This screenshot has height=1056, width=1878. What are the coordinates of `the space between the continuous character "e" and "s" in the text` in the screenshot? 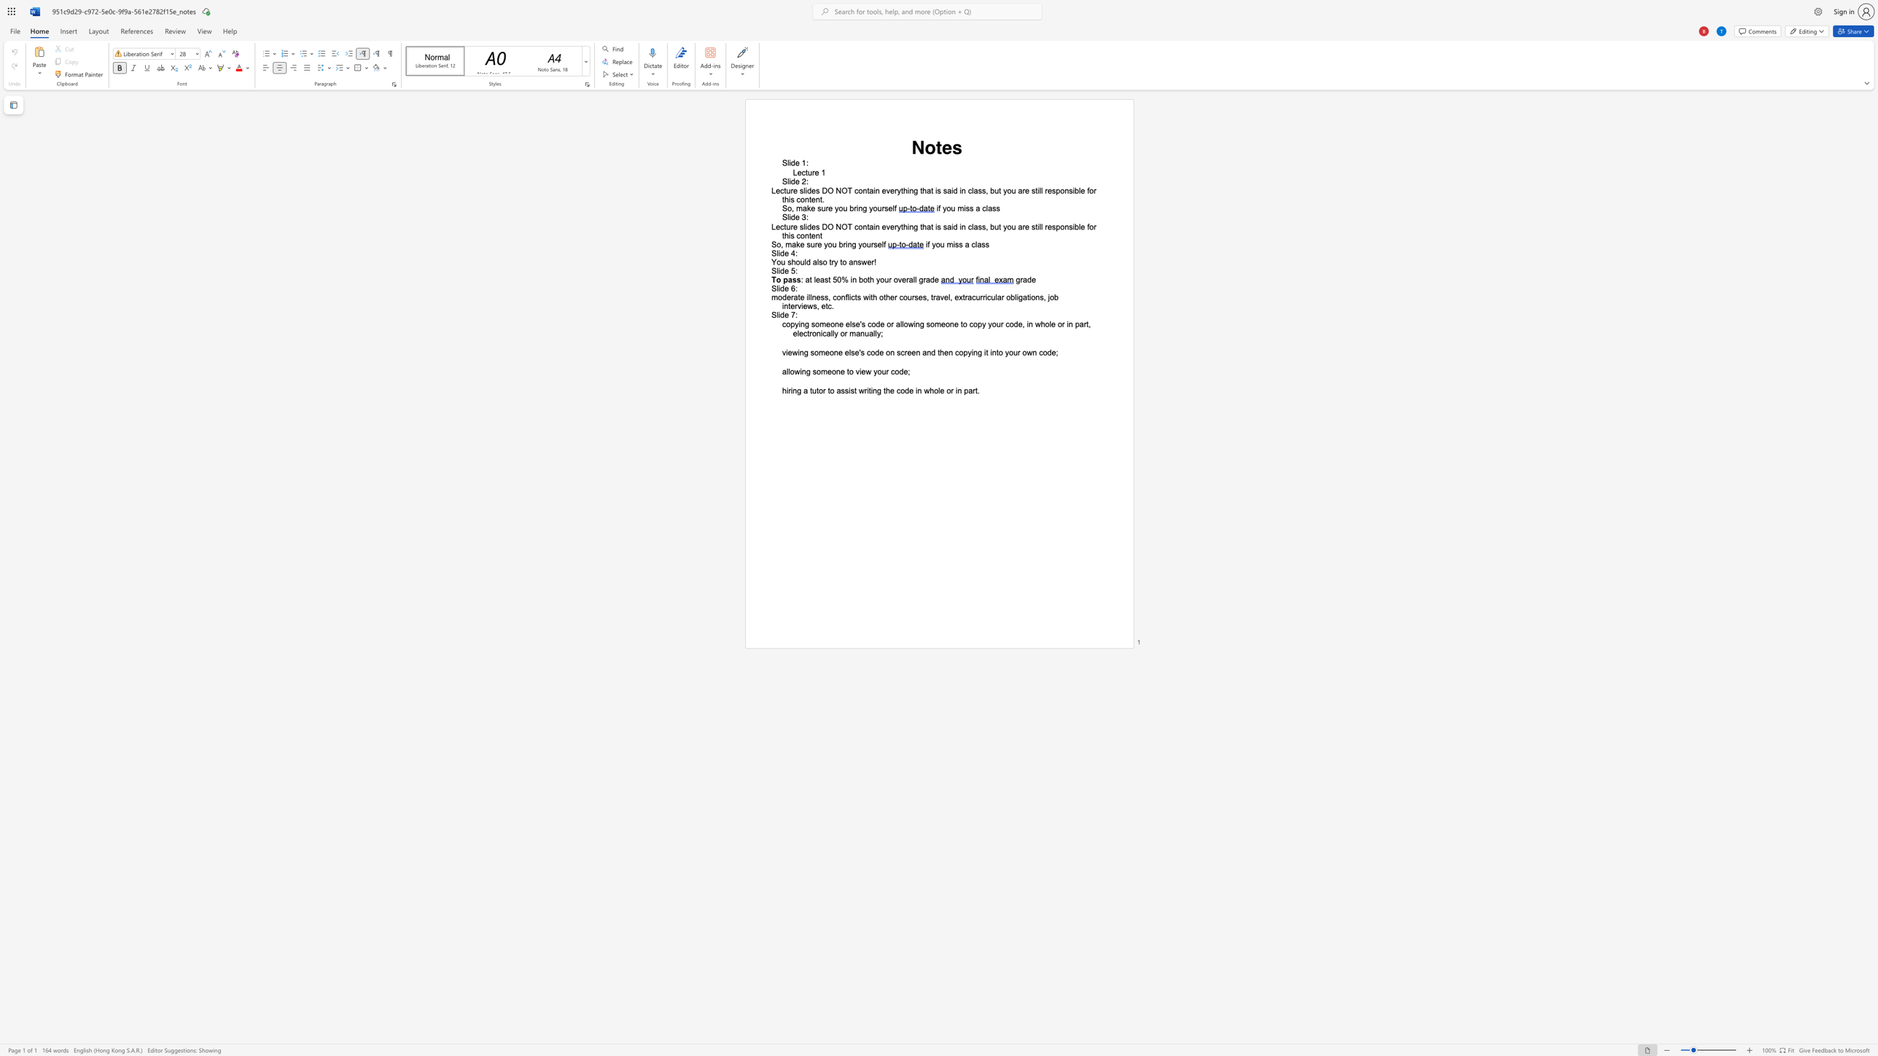 It's located at (816, 227).